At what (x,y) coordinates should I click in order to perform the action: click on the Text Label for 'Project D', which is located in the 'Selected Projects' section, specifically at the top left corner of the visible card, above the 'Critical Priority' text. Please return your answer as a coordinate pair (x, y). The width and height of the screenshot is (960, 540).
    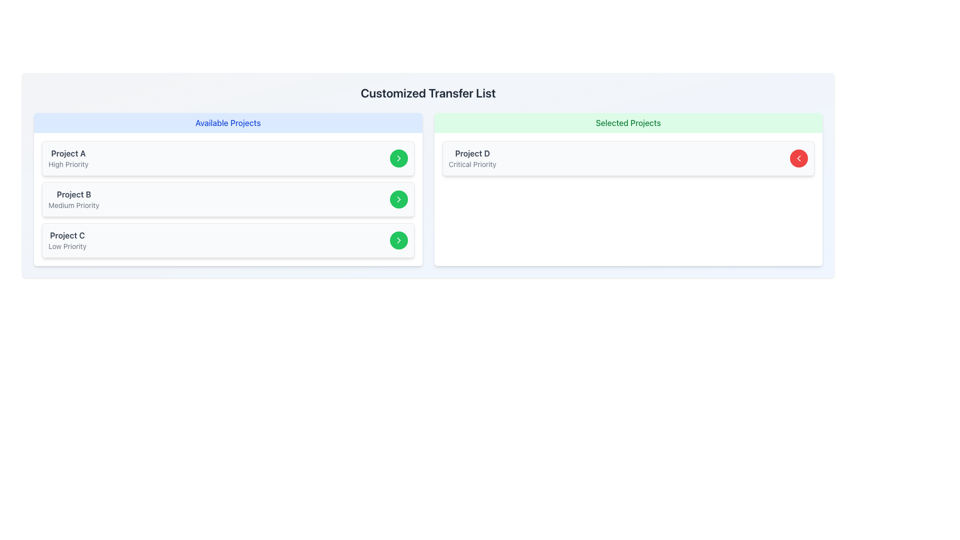
    Looking at the image, I should click on (472, 153).